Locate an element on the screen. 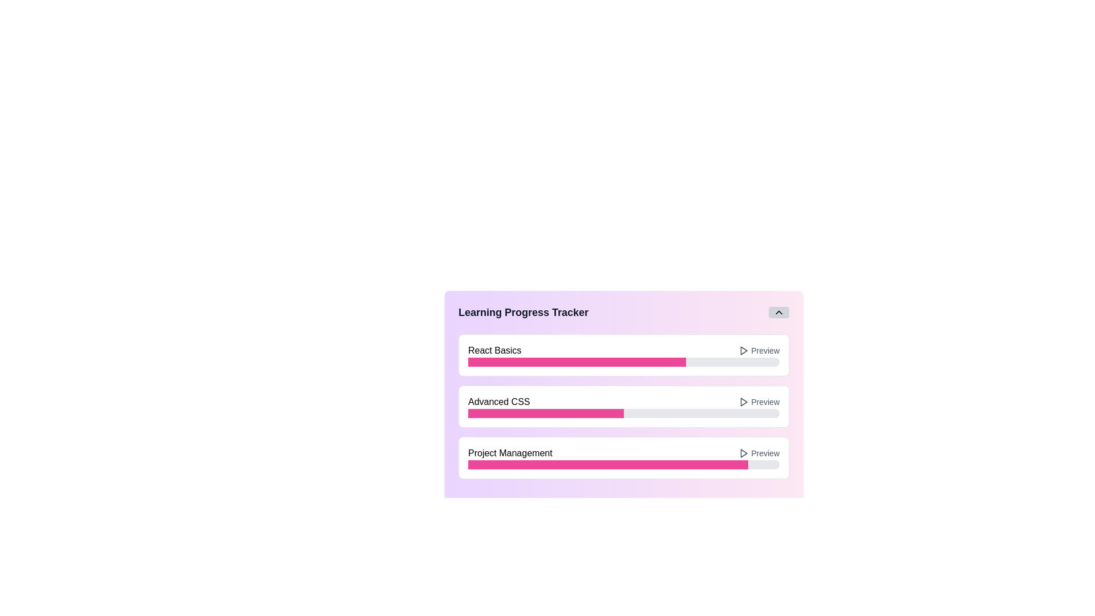 Image resolution: width=1095 pixels, height=616 pixels. the triangular play button icon located to the right of the 'Advanced CSS' progress bar is located at coordinates (744, 402).